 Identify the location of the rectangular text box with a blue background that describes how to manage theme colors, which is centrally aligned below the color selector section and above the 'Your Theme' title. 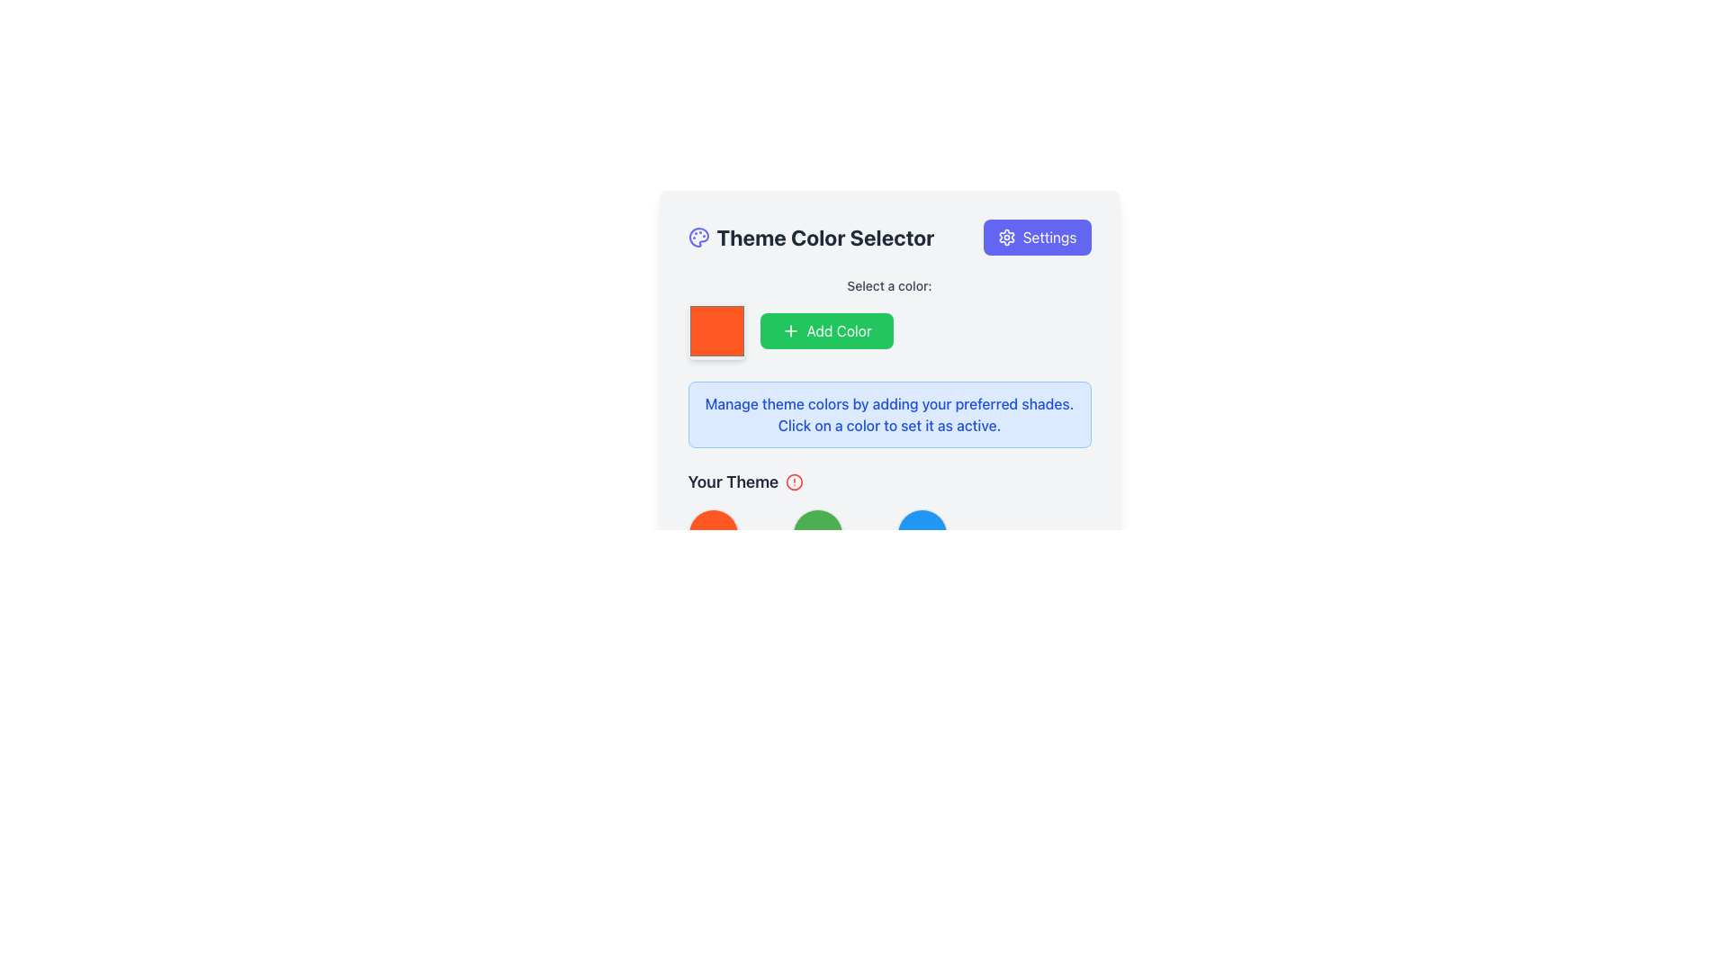
(889, 388).